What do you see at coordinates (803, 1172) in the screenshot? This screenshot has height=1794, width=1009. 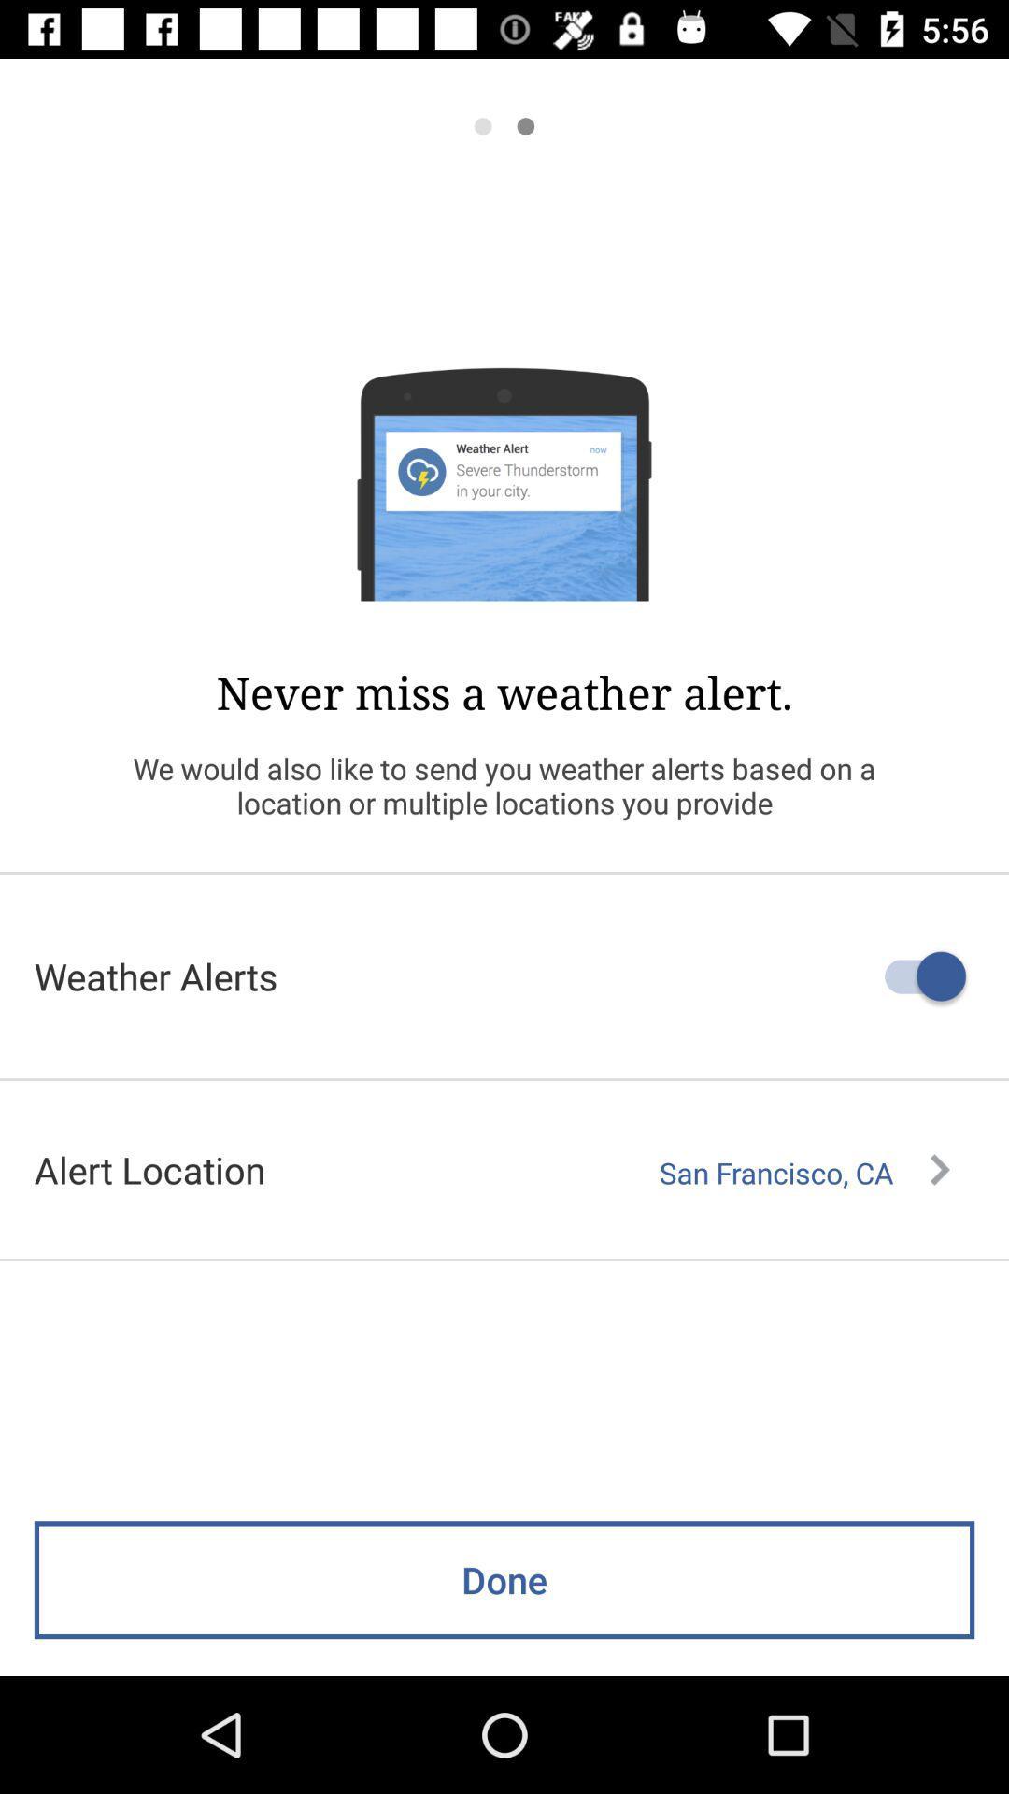 I see `item to the right of the alert location icon` at bounding box center [803, 1172].